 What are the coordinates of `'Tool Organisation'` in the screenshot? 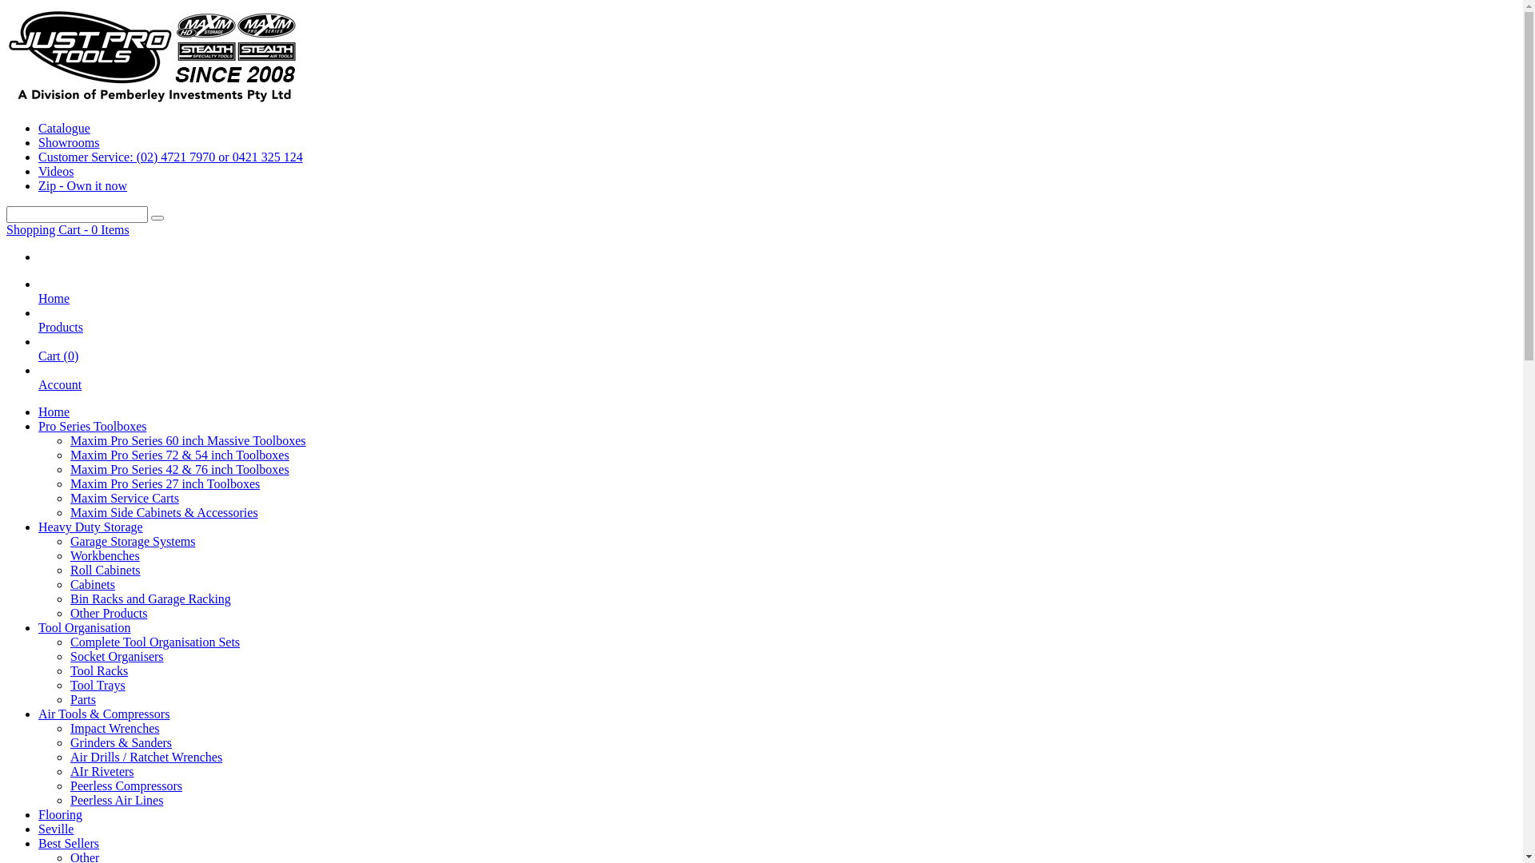 It's located at (83, 626).